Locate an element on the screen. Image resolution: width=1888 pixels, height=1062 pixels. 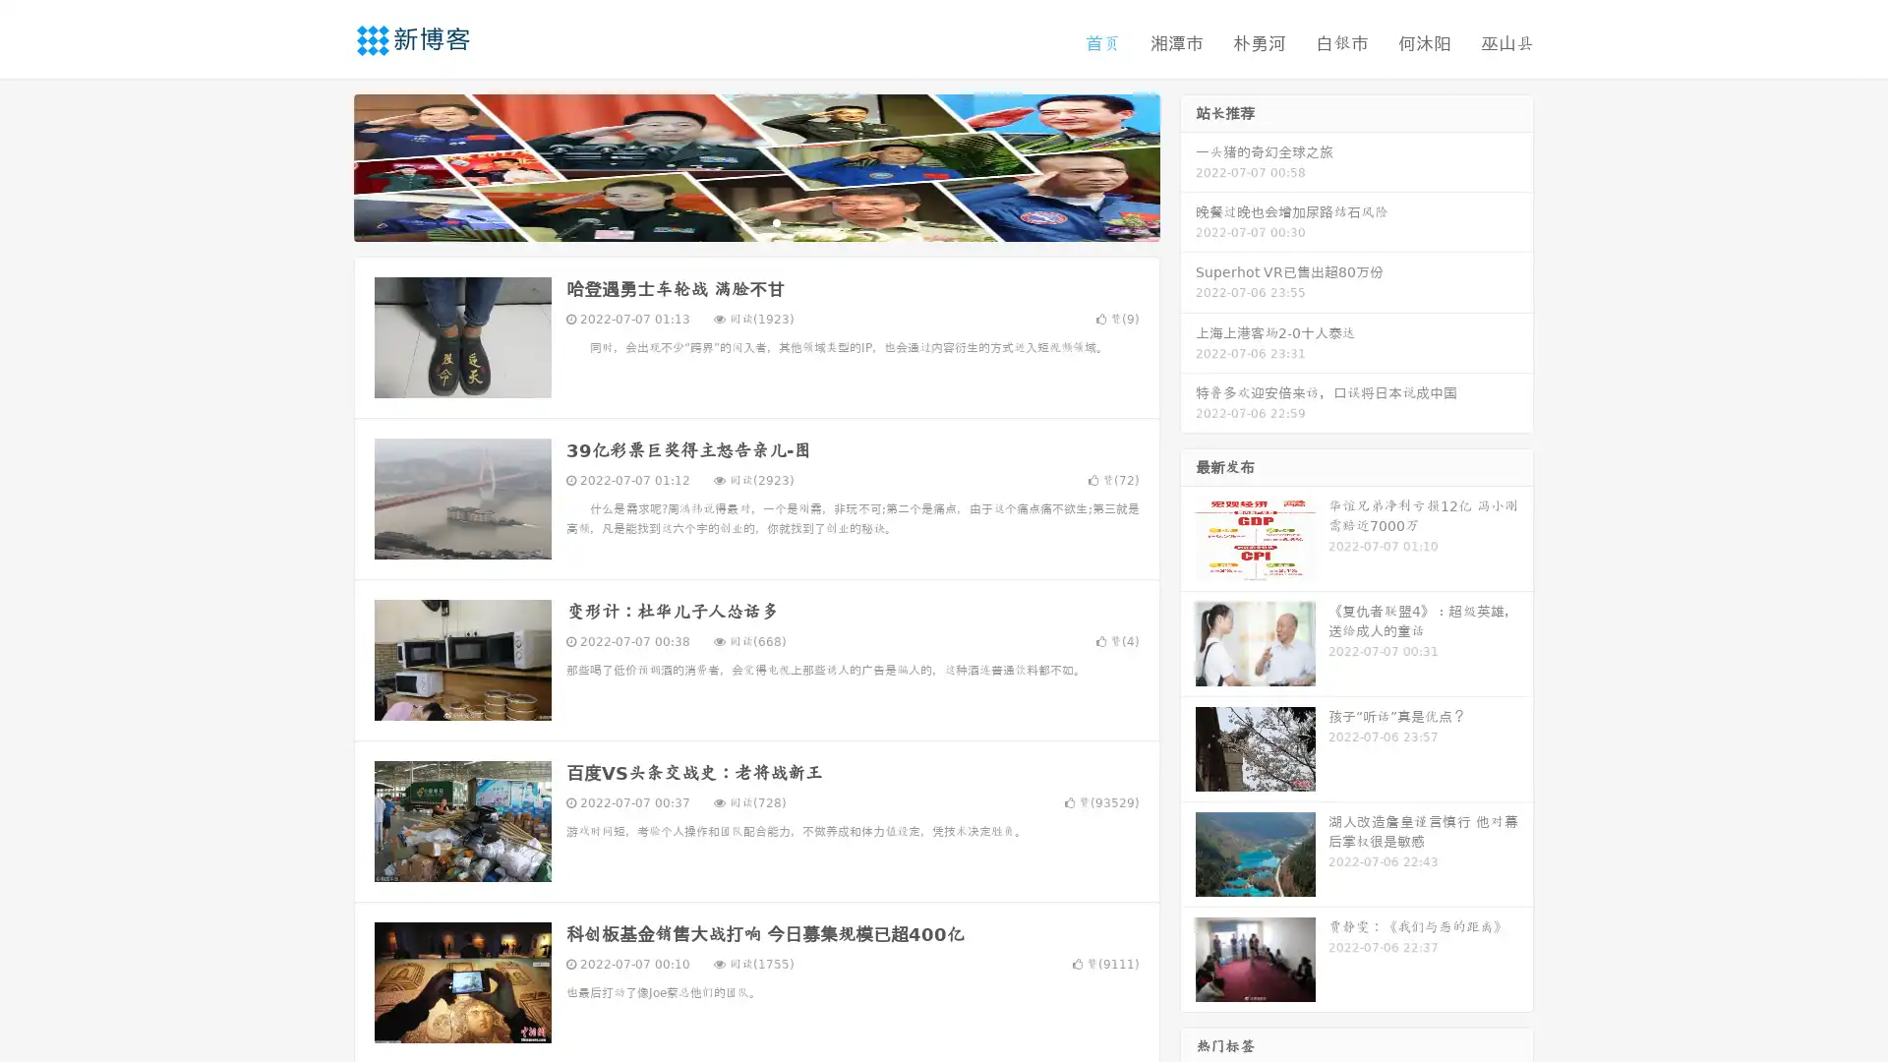
Go to slide 2 is located at coordinates (755, 221).